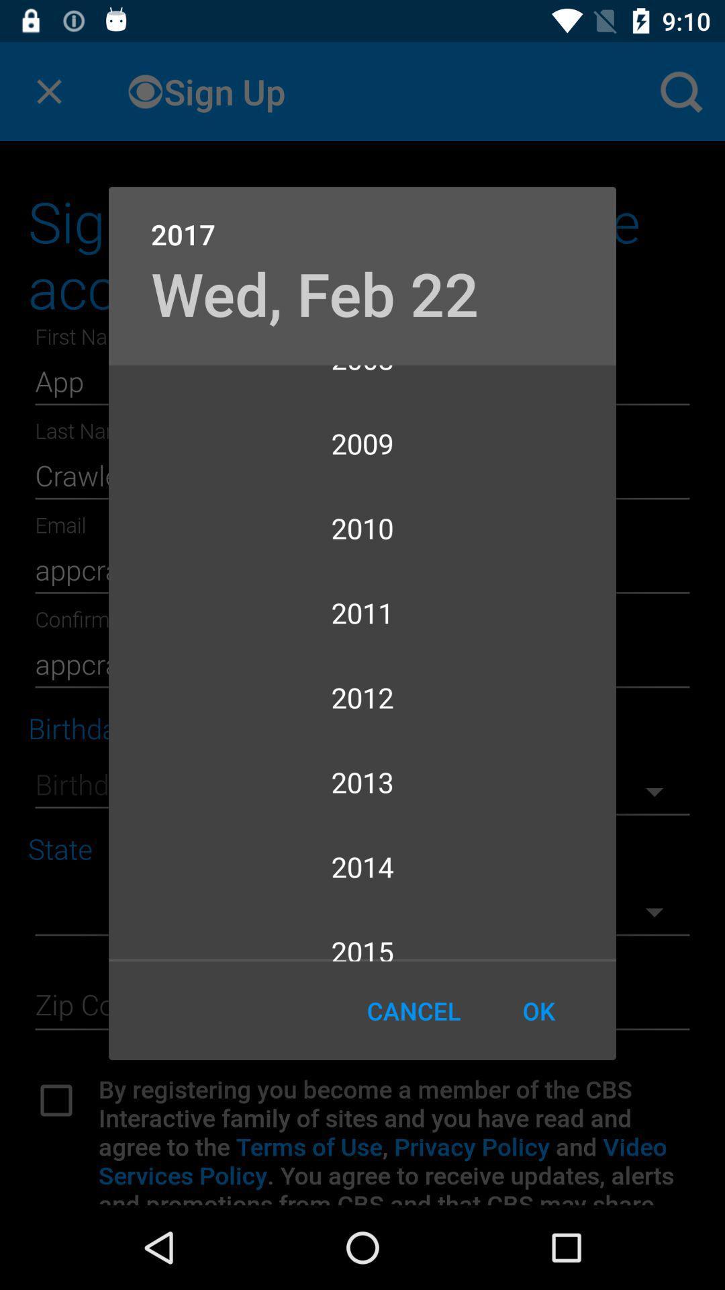  What do you see at coordinates (315, 292) in the screenshot?
I see `icon below the 2017 item` at bounding box center [315, 292].